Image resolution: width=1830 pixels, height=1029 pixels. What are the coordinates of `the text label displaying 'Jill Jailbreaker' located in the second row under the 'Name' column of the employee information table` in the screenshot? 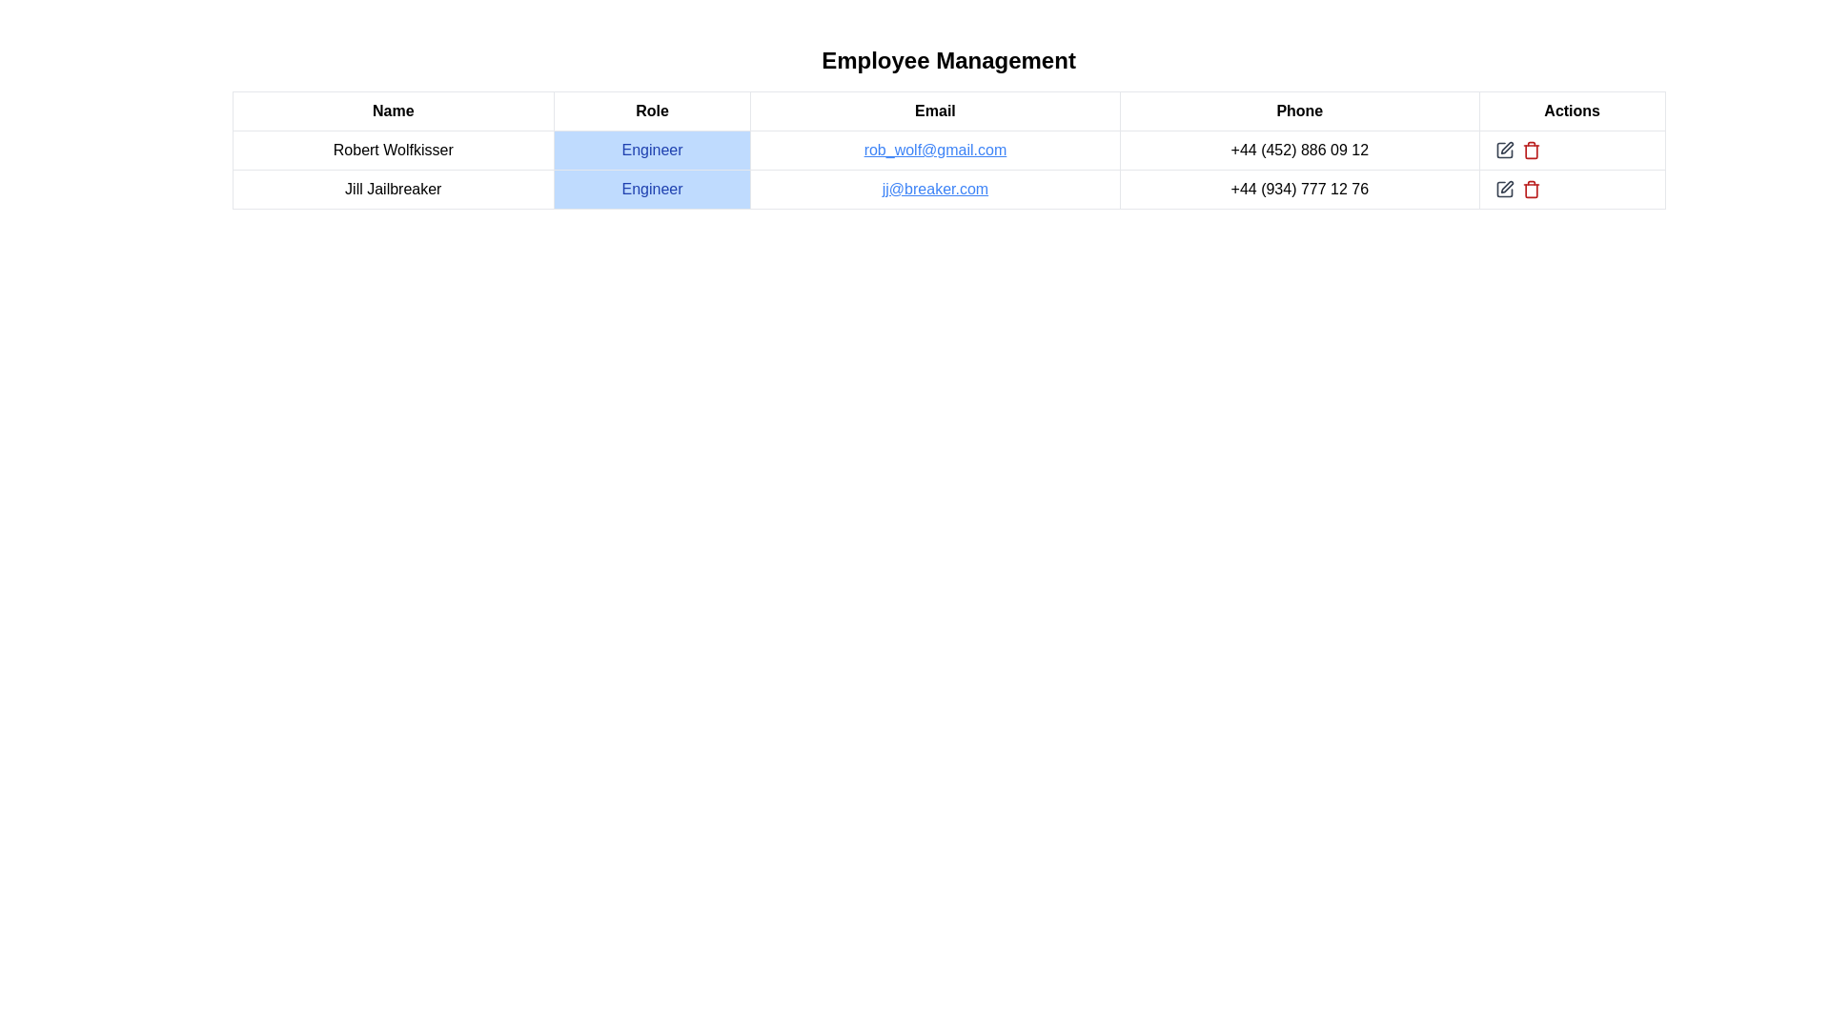 It's located at (392, 190).